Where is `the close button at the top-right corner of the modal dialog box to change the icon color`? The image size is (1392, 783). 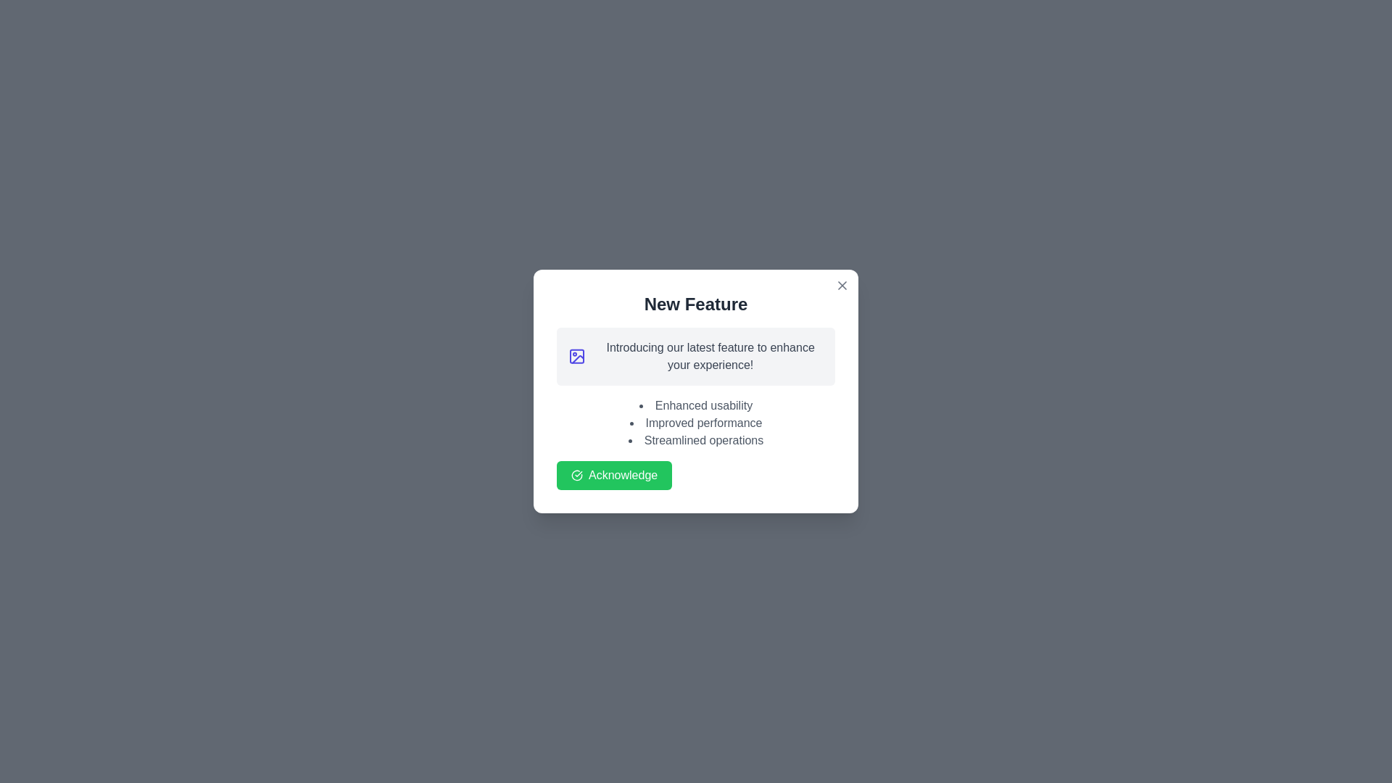
the close button at the top-right corner of the modal dialog box to change the icon color is located at coordinates (842, 285).